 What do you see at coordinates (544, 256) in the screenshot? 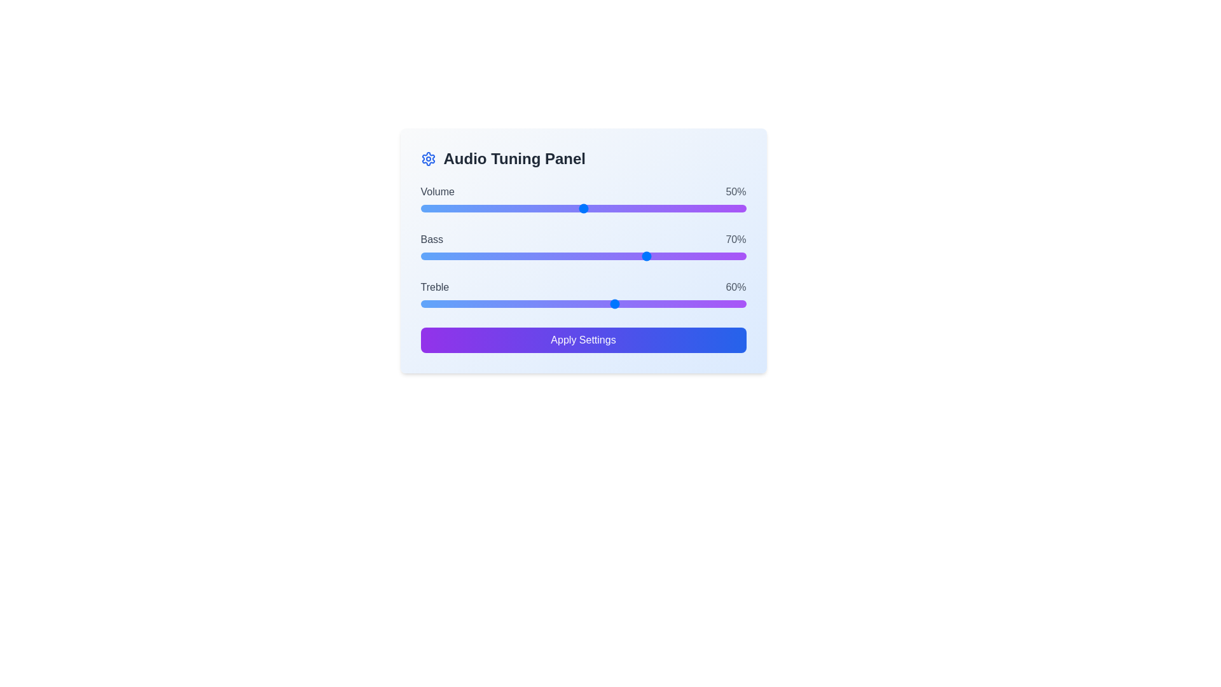
I see `the bass level` at bounding box center [544, 256].